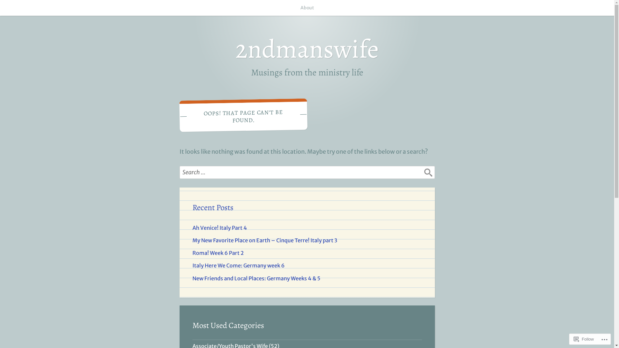  Describe the element at coordinates (192, 266) in the screenshot. I see `'Italy Here We Come: Germany week 6'` at that location.